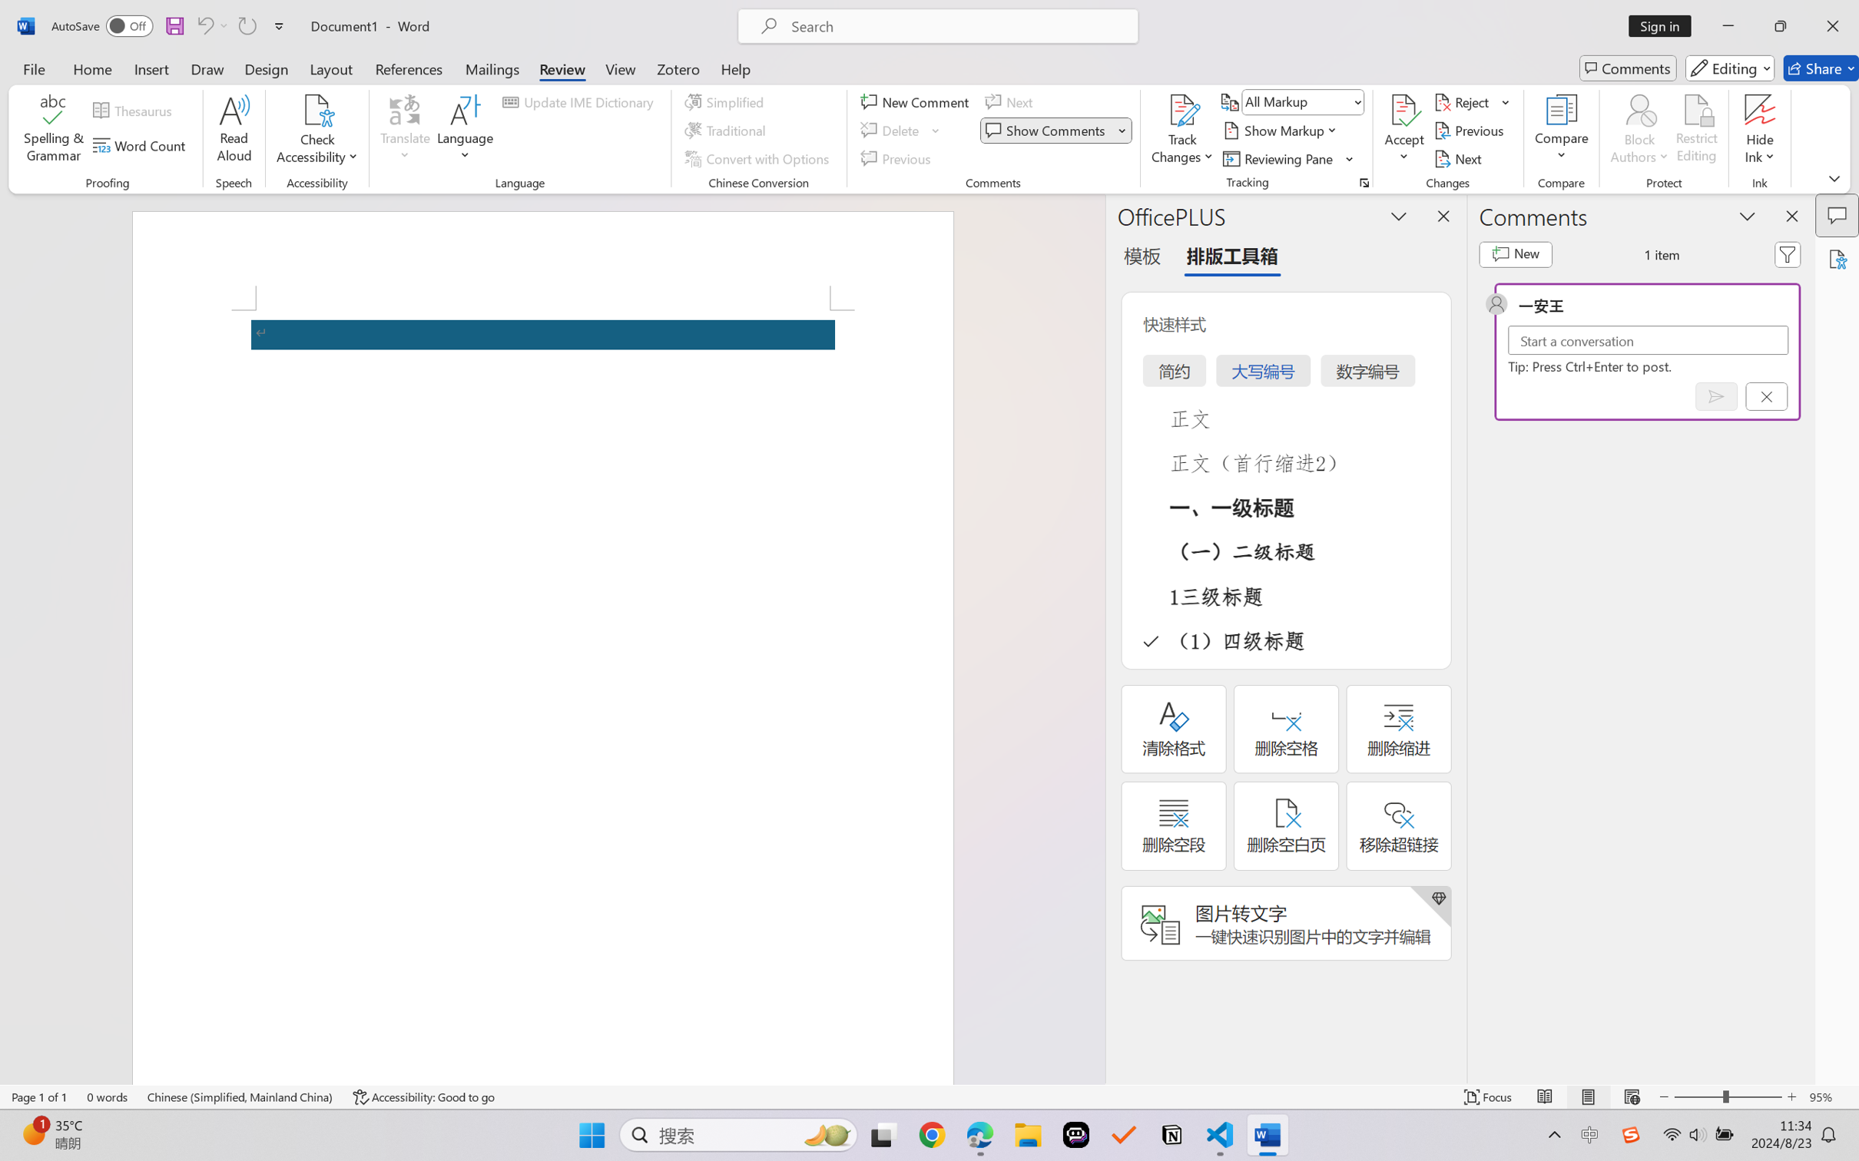  Describe the element at coordinates (1639, 110) in the screenshot. I see `'Block Authors'` at that location.